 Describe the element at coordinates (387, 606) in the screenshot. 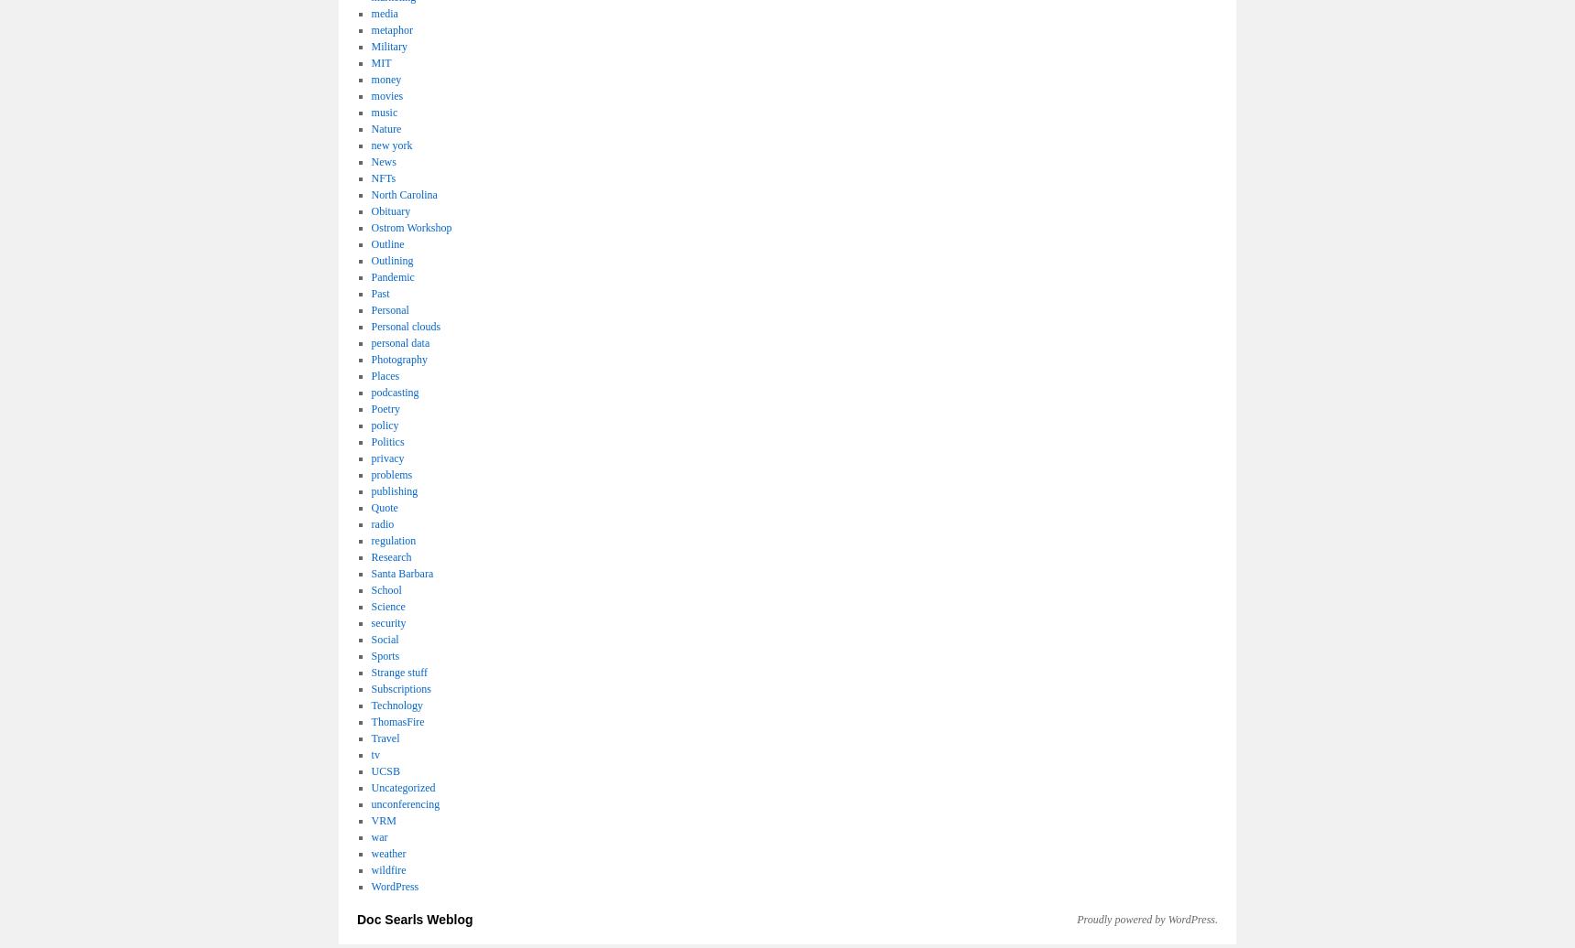

I see `'Science'` at that location.